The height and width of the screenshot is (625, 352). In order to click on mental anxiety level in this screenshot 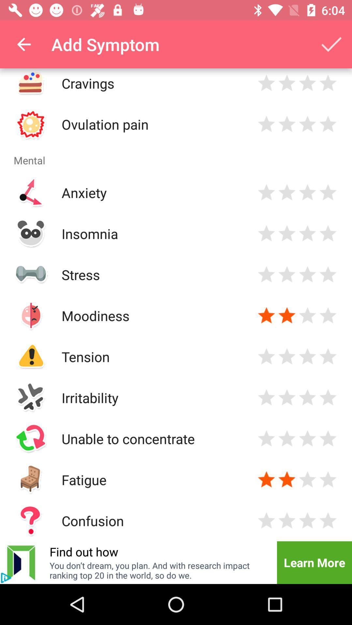, I will do `click(307, 192)`.